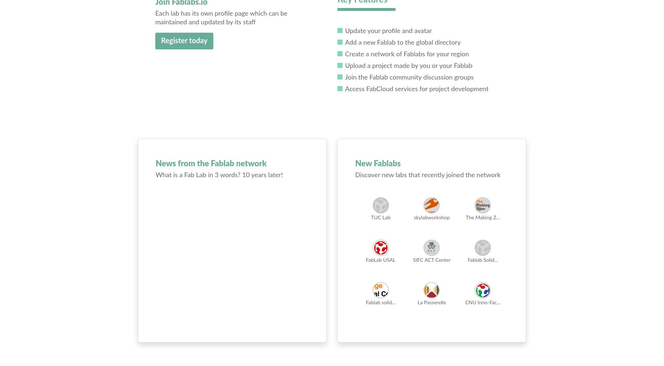 The width and height of the screenshot is (664, 366). I want to click on 'TUC Lab', so click(380, 217).